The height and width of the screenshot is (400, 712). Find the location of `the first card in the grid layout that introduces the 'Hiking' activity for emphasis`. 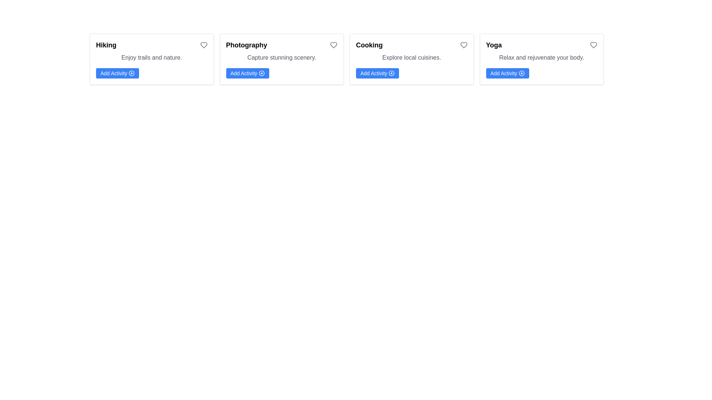

the first card in the grid layout that introduces the 'Hiking' activity for emphasis is located at coordinates (151, 59).